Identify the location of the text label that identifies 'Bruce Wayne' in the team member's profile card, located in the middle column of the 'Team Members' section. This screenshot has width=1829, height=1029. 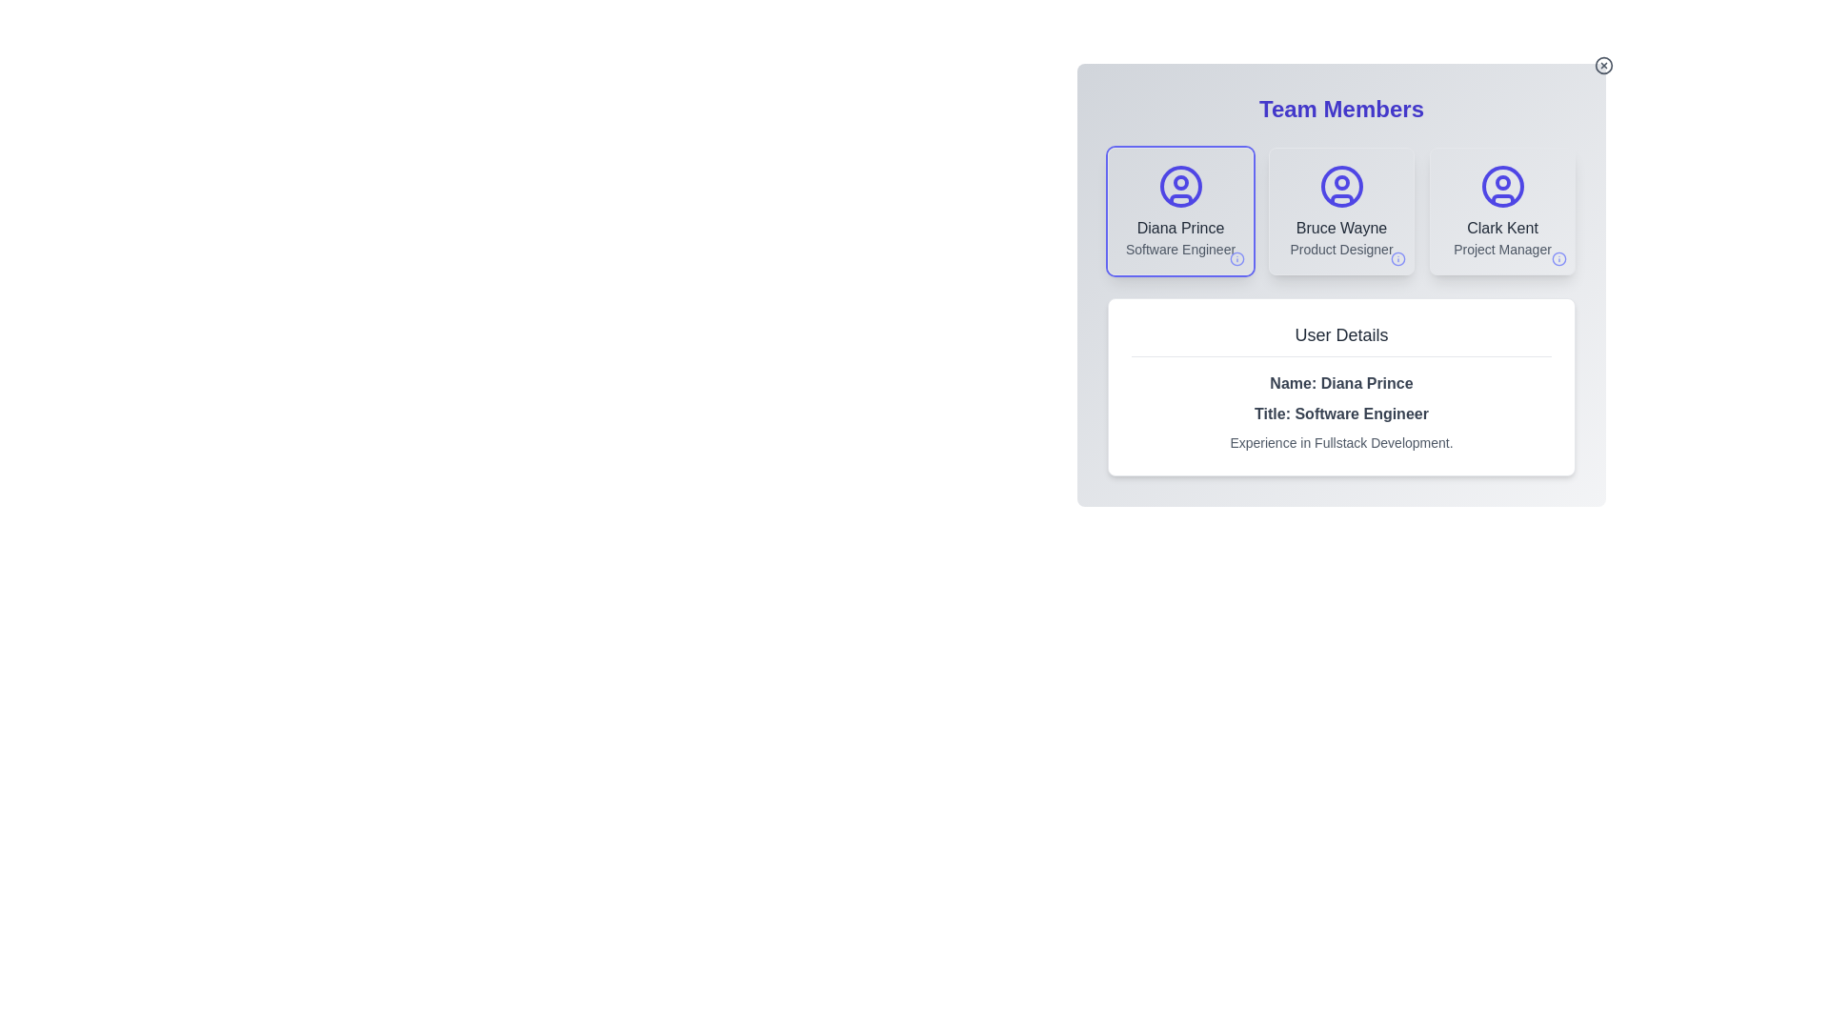
(1340, 227).